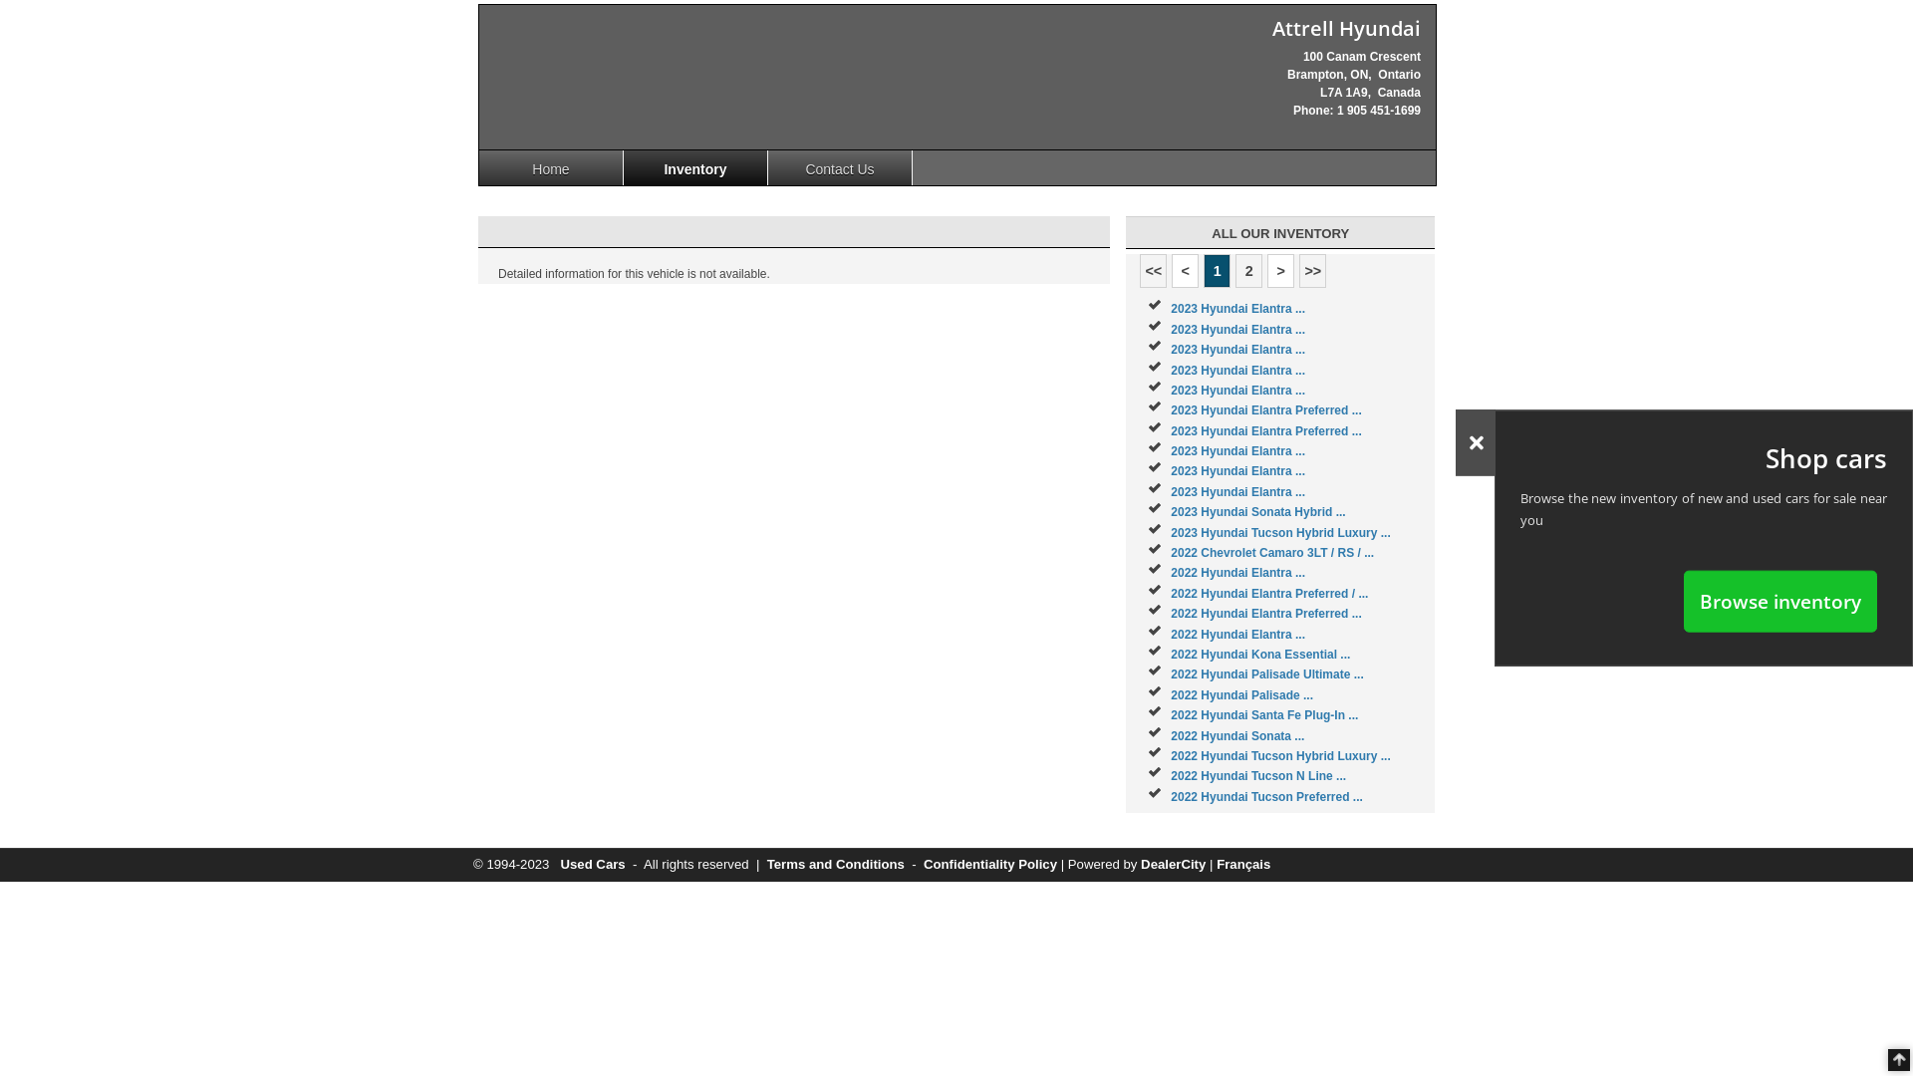 The width and height of the screenshot is (1913, 1076). I want to click on '2022 Hyundai Sonata ...', so click(1236, 736).